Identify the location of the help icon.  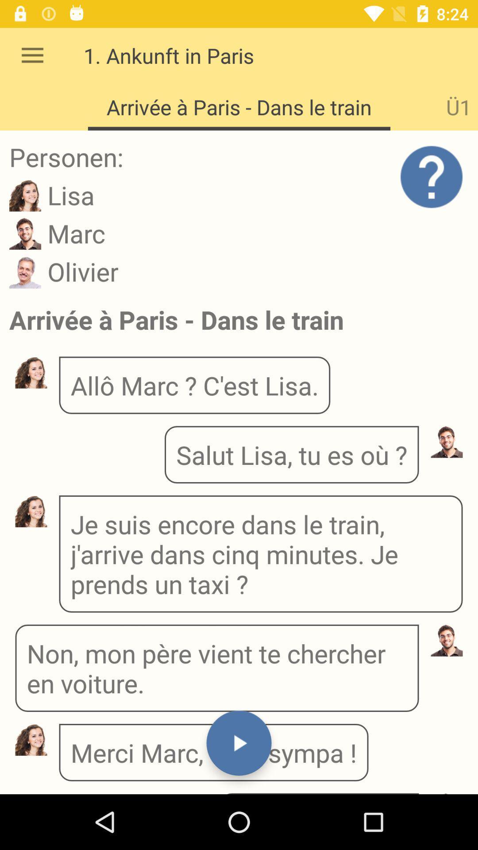
(431, 177).